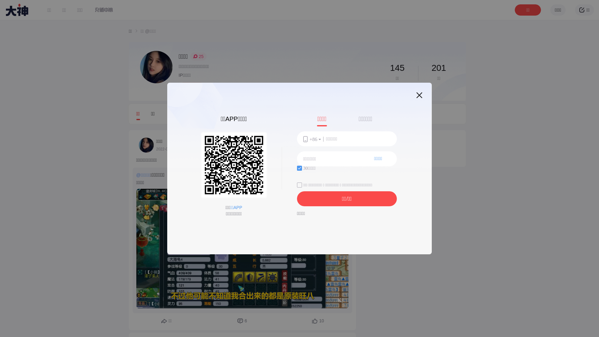  I want to click on '6', so click(242, 321).